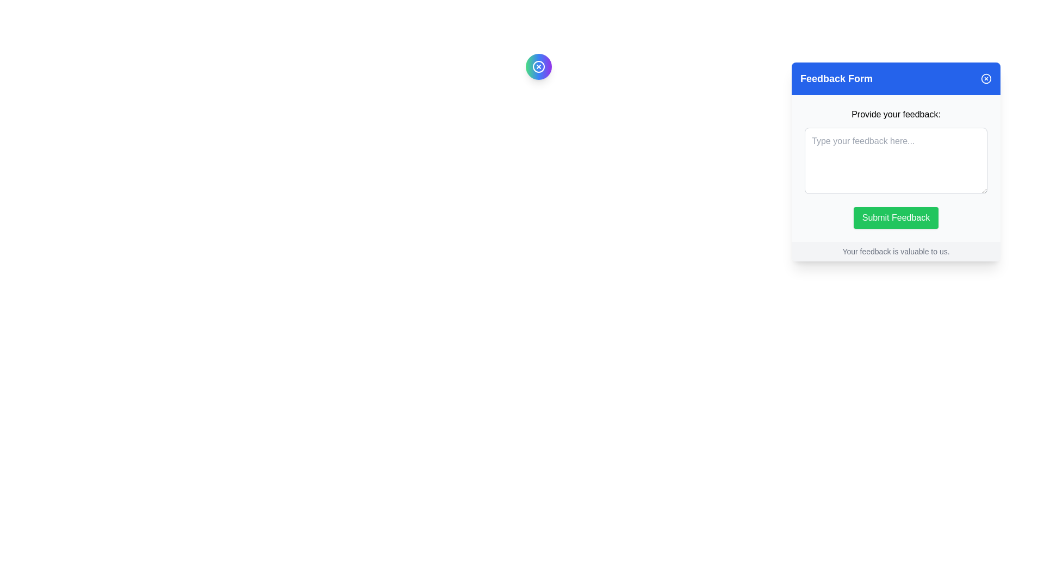 The width and height of the screenshot is (1044, 587). I want to click on the static text label that encourages users to provide feedback, located at the bottom of the 'Feedback Form' interface with a light gray background, so click(896, 251).